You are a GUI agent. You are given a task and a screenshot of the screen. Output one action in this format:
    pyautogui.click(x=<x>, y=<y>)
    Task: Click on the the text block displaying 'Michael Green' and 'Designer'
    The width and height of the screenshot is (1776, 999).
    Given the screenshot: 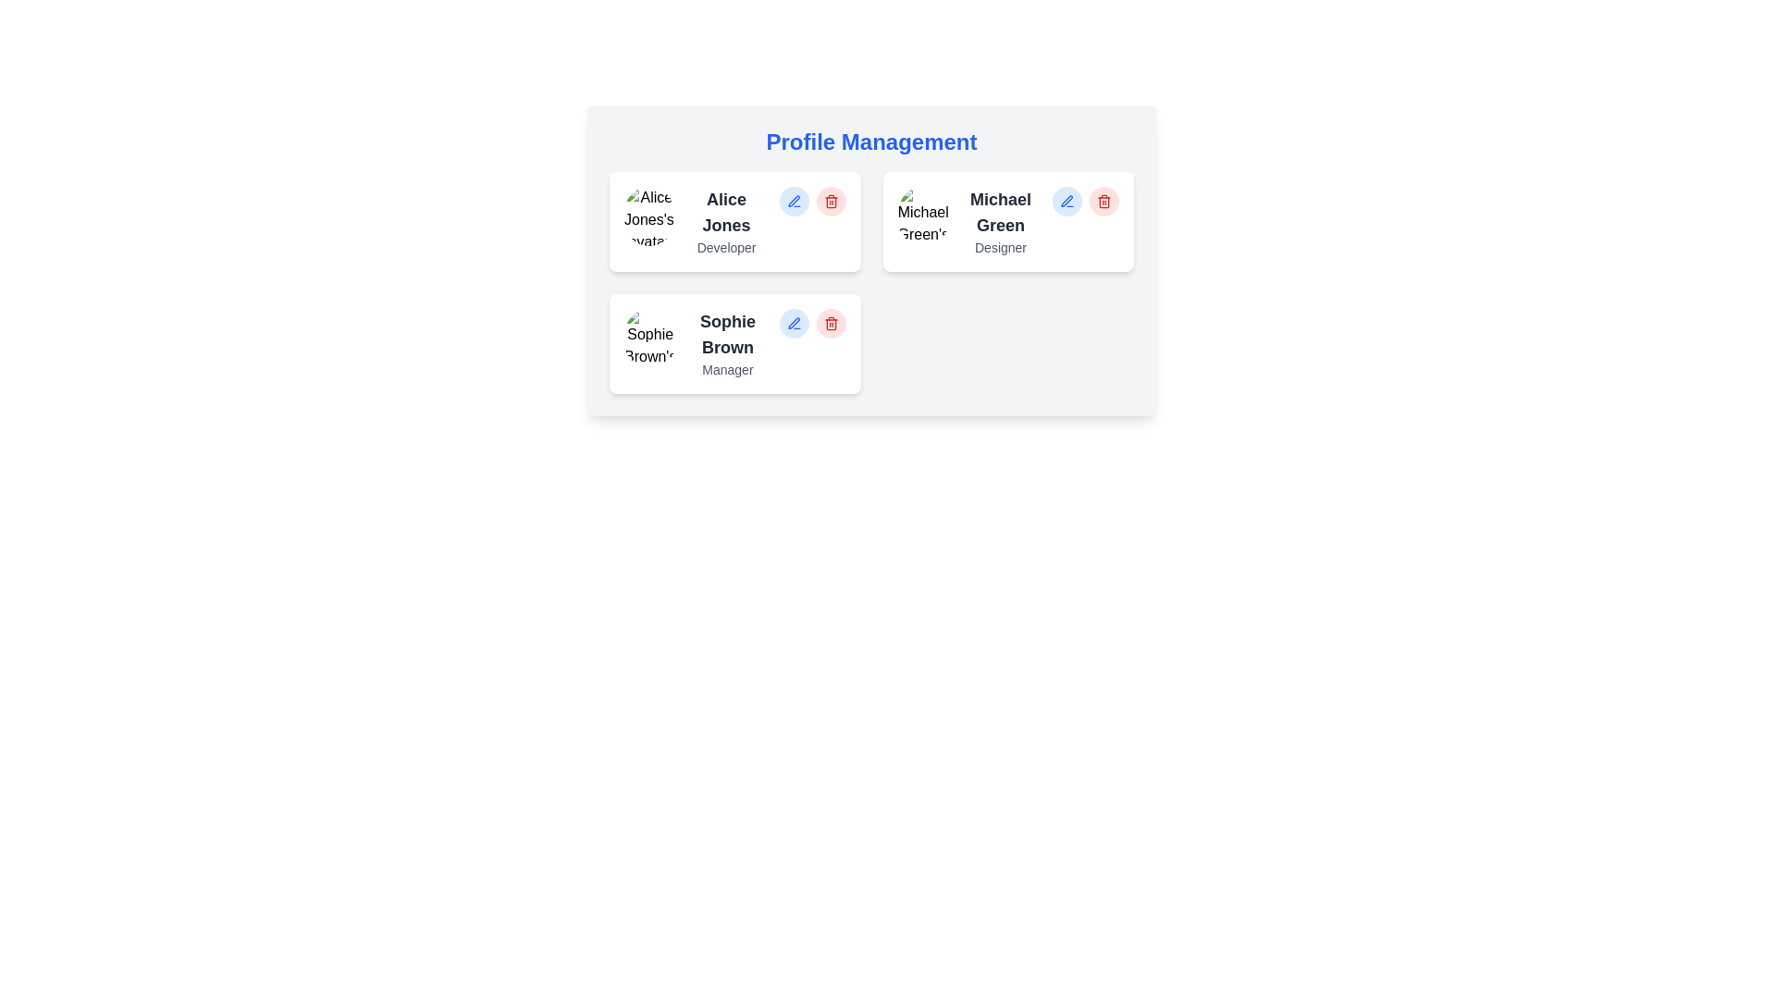 What is the action you would take?
    pyautogui.click(x=1000, y=220)
    